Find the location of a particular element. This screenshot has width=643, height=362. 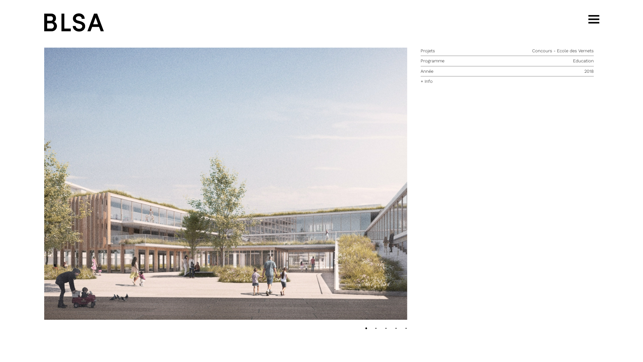

'1' is located at coordinates (377, 329).